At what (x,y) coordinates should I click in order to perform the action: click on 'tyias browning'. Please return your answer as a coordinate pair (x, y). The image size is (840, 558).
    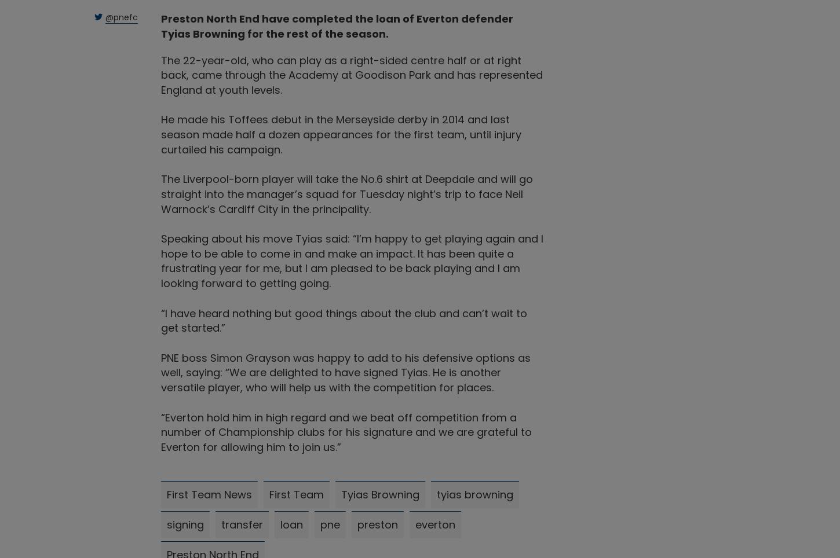
    Looking at the image, I should click on (437, 494).